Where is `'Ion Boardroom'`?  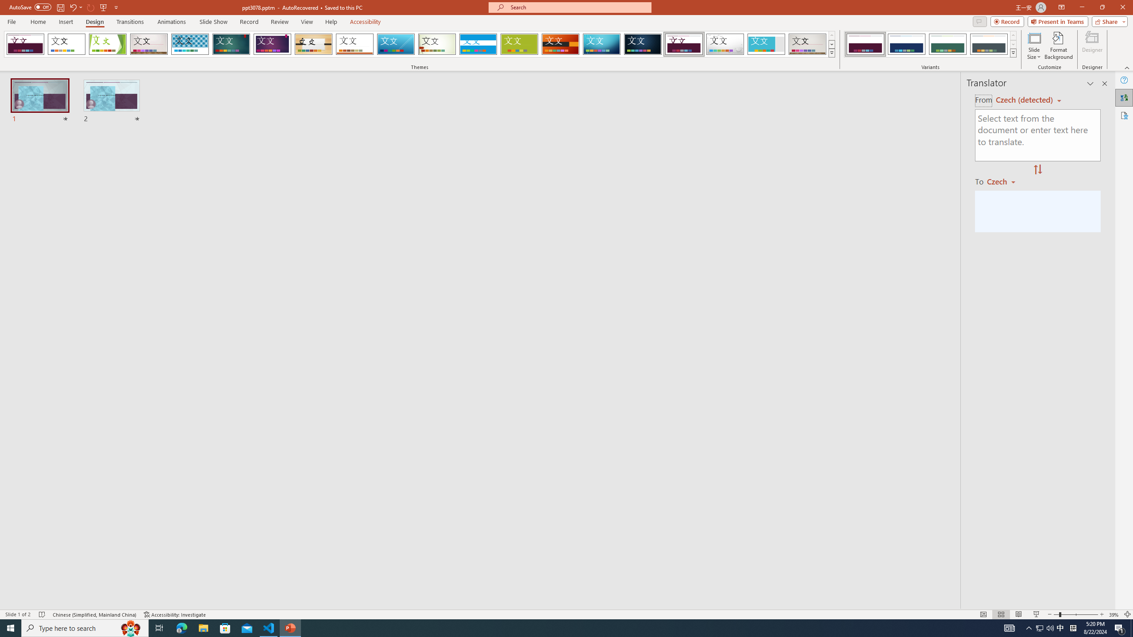 'Ion Boardroom' is located at coordinates (272, 44).